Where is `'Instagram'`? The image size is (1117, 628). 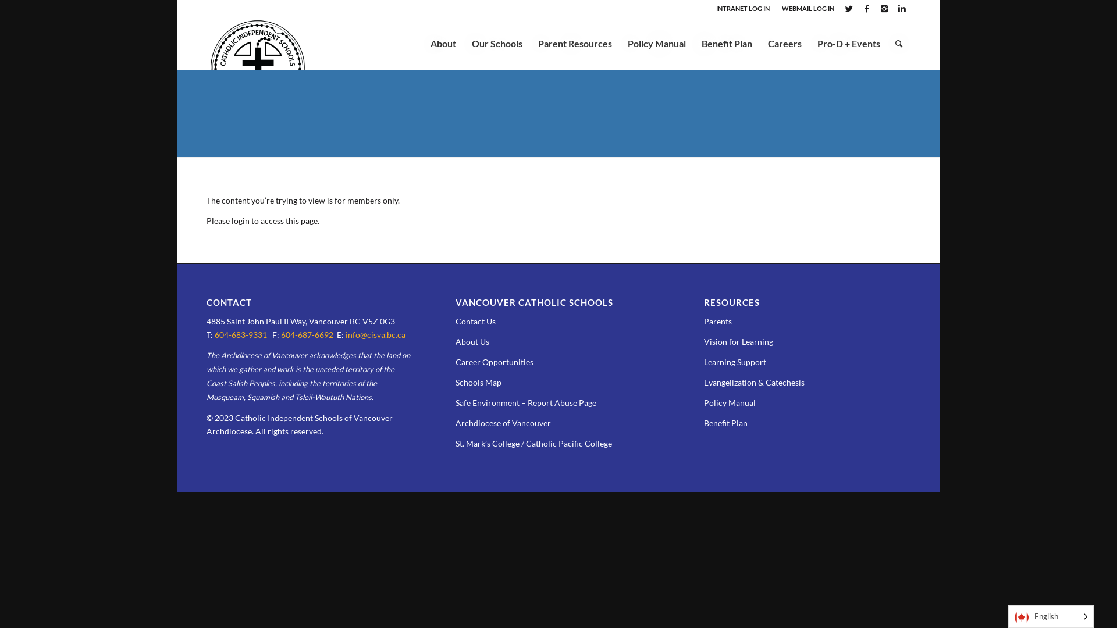
'Instagram' is located at coordinates (884, 9).